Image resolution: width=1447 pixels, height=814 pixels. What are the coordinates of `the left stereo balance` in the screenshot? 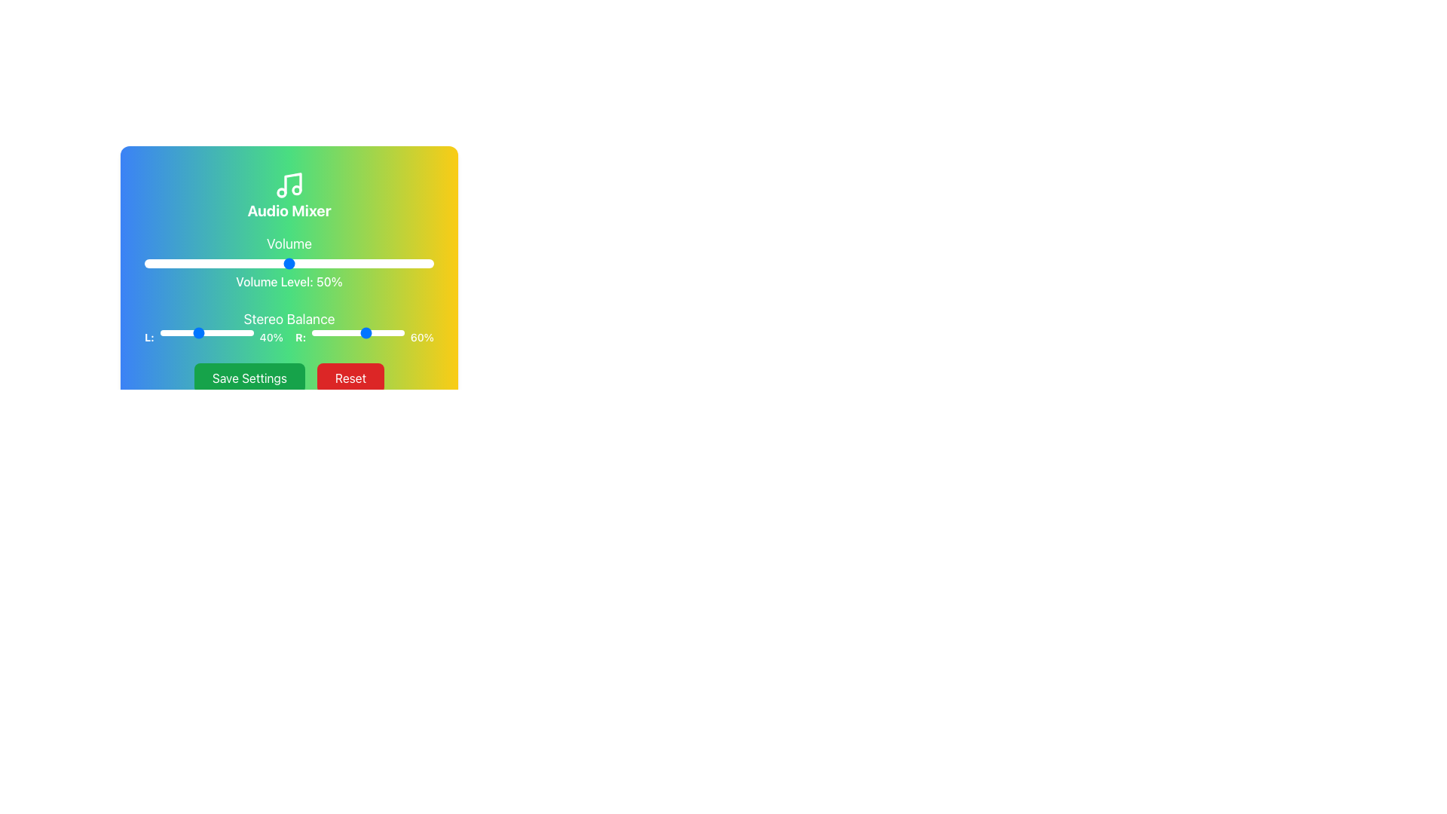 It's located at (223, 332).